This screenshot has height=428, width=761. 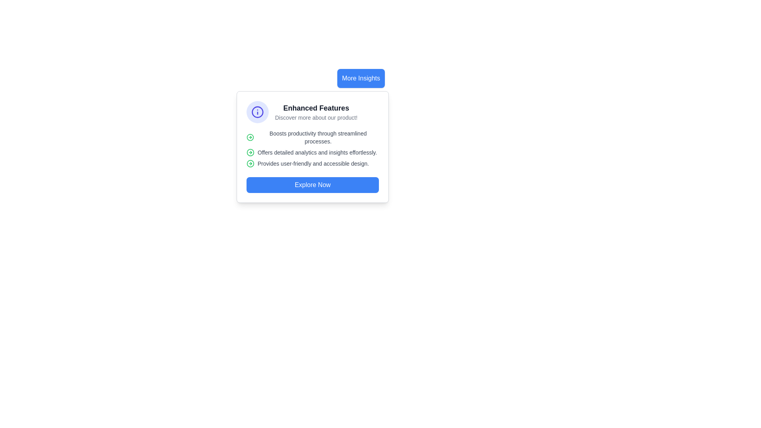 What do you see at coordinates (312, 137) in the screenshot?
I see `informational text element that features a green icon and the text 'Boosts productivity through streamlined processes.' It is the first item in a vertical list within a card layout` at bounding box center [312, 137].